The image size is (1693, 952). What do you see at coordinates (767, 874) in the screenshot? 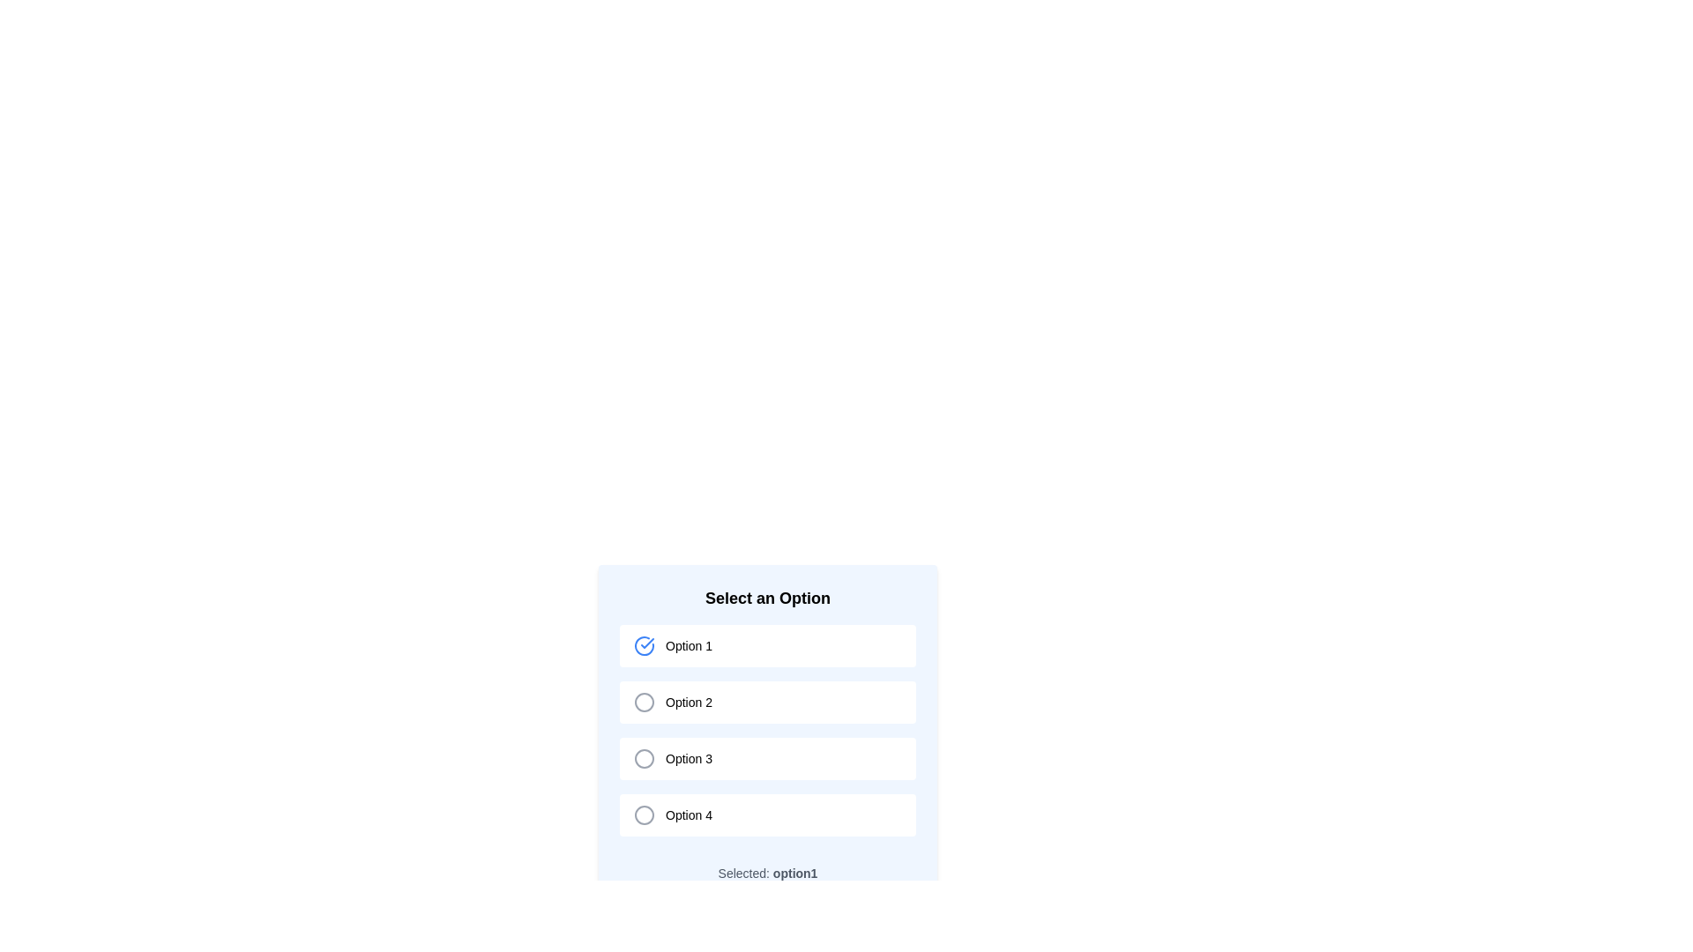
I see `the text label displaying 'Selected: option1' at the bottom of the selection panel` at bounding box center [767, 874].